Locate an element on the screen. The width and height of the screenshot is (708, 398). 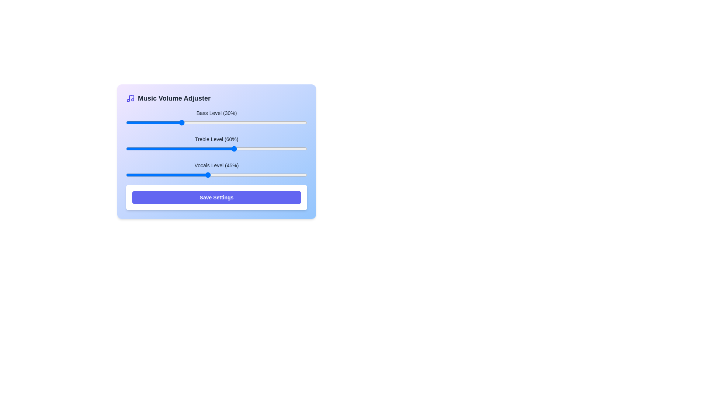
the track of the range slider located below the 'Vocals Level (45%)' label to move the thumb is located at coordinates (216, 175).